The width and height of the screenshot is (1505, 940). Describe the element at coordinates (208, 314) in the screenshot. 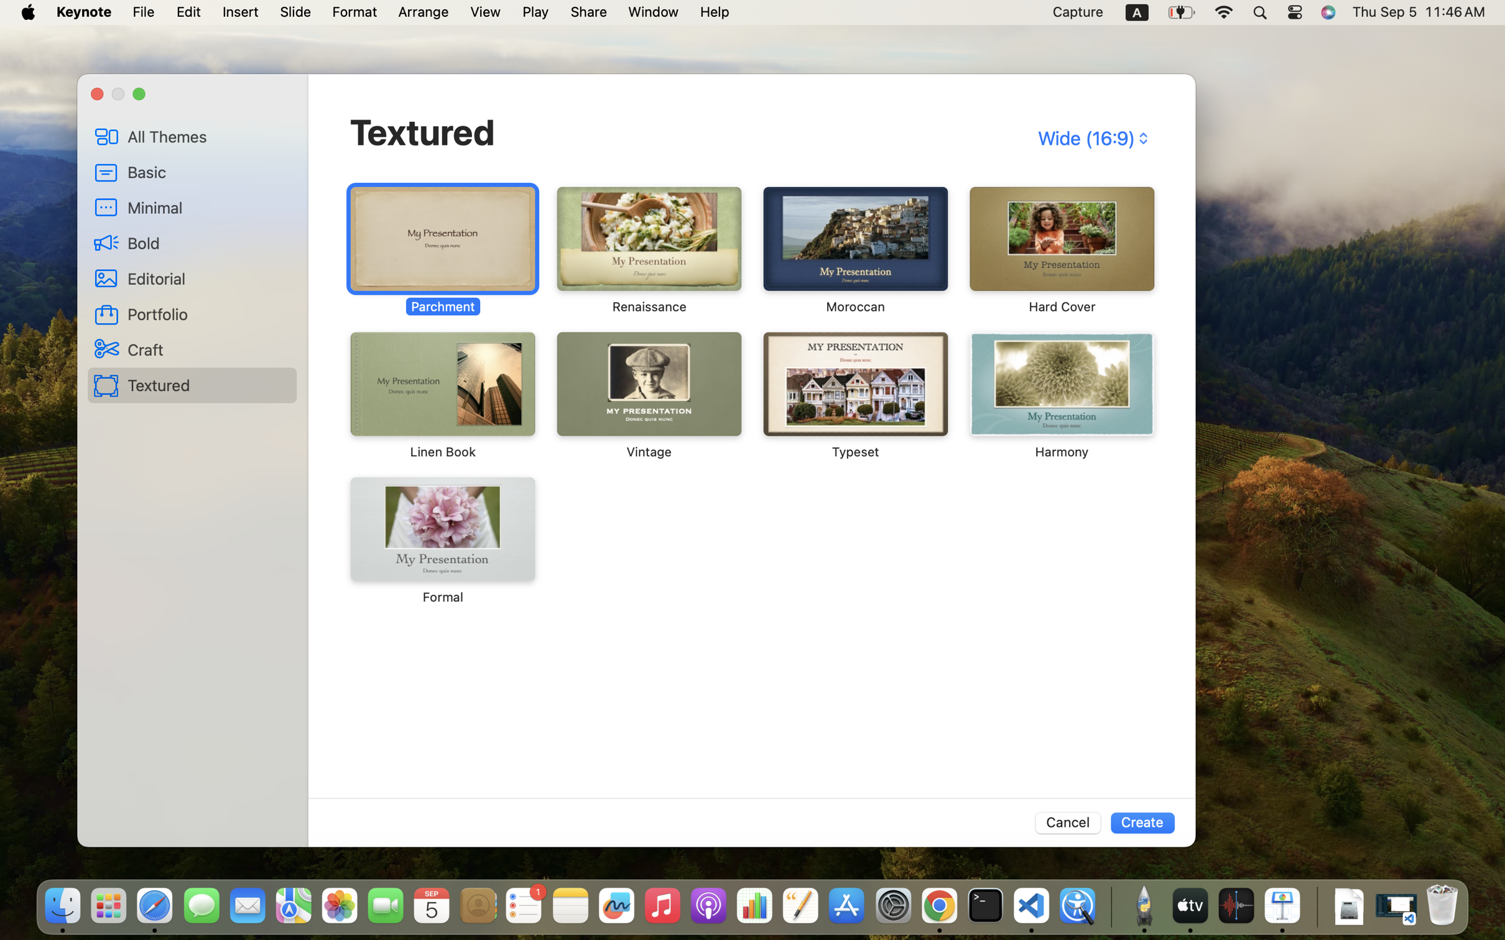

I see `'Portfolio'` at that location.